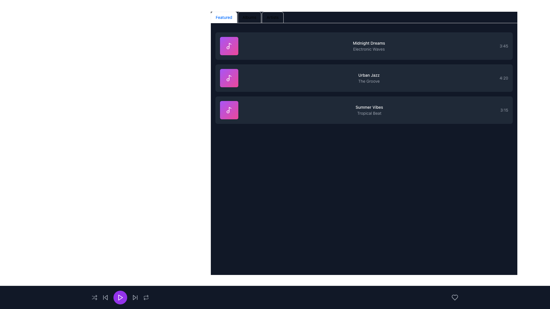 Image resolution: width=550 pixels, height=309 pixels. I want to click on the 'Featured' Tab Button, which is the first tab, so click(223, 17).